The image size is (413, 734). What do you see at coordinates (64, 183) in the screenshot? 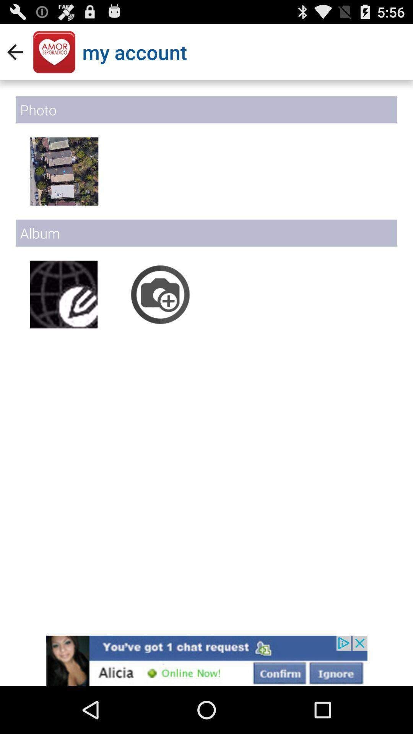
I see `the menu icon` at bounding box center [64, 183].